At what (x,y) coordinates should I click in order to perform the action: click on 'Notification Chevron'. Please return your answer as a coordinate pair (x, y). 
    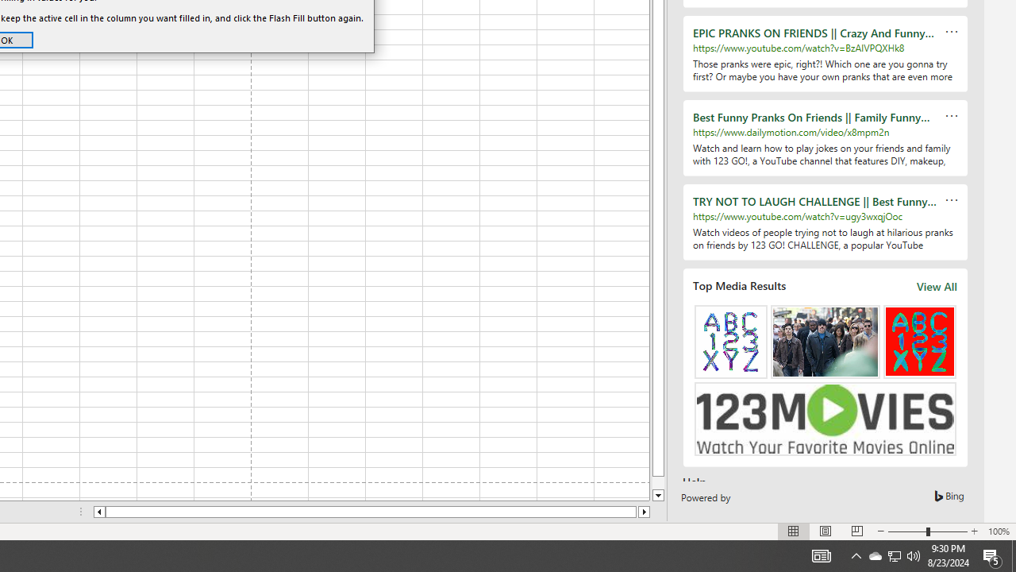
    Looking at the image, I should click on (895, 555).